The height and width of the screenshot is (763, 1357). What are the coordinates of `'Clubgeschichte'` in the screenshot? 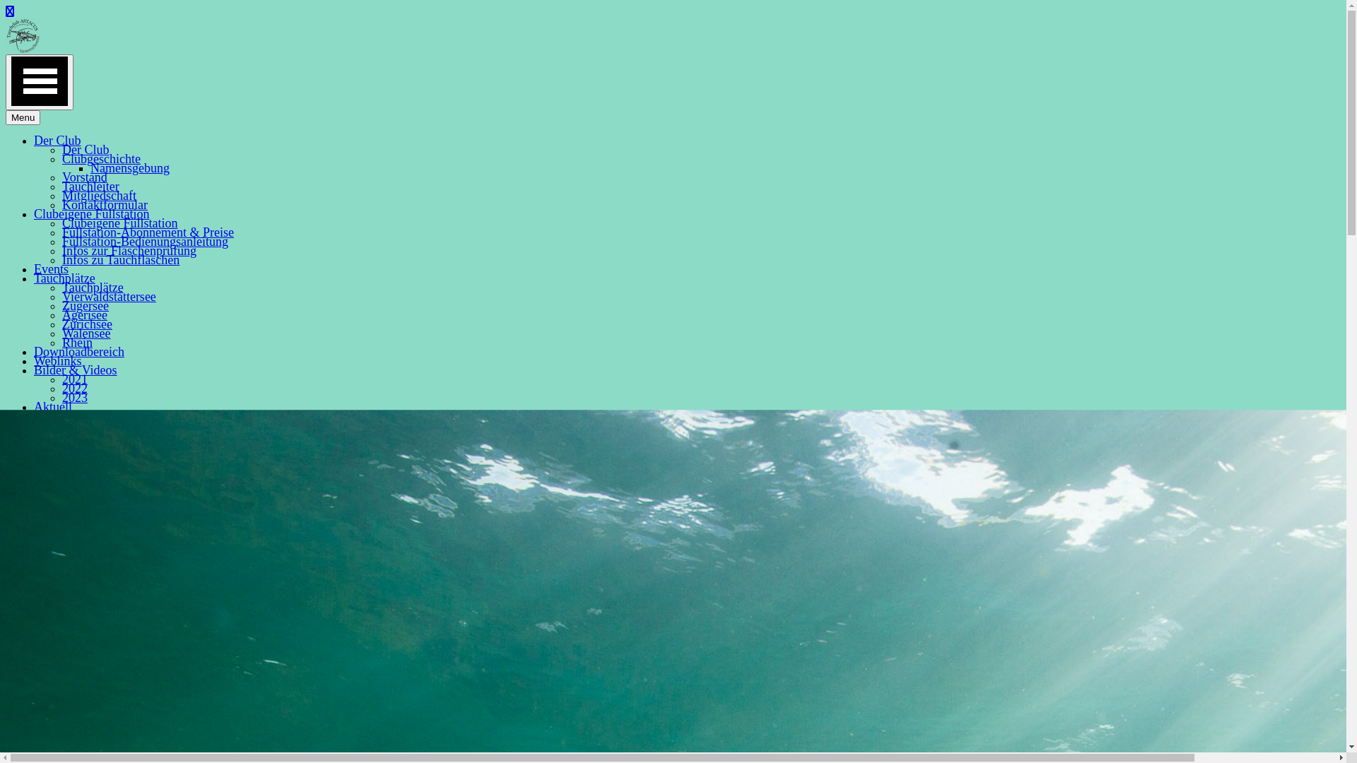 It's located at (100, 158).